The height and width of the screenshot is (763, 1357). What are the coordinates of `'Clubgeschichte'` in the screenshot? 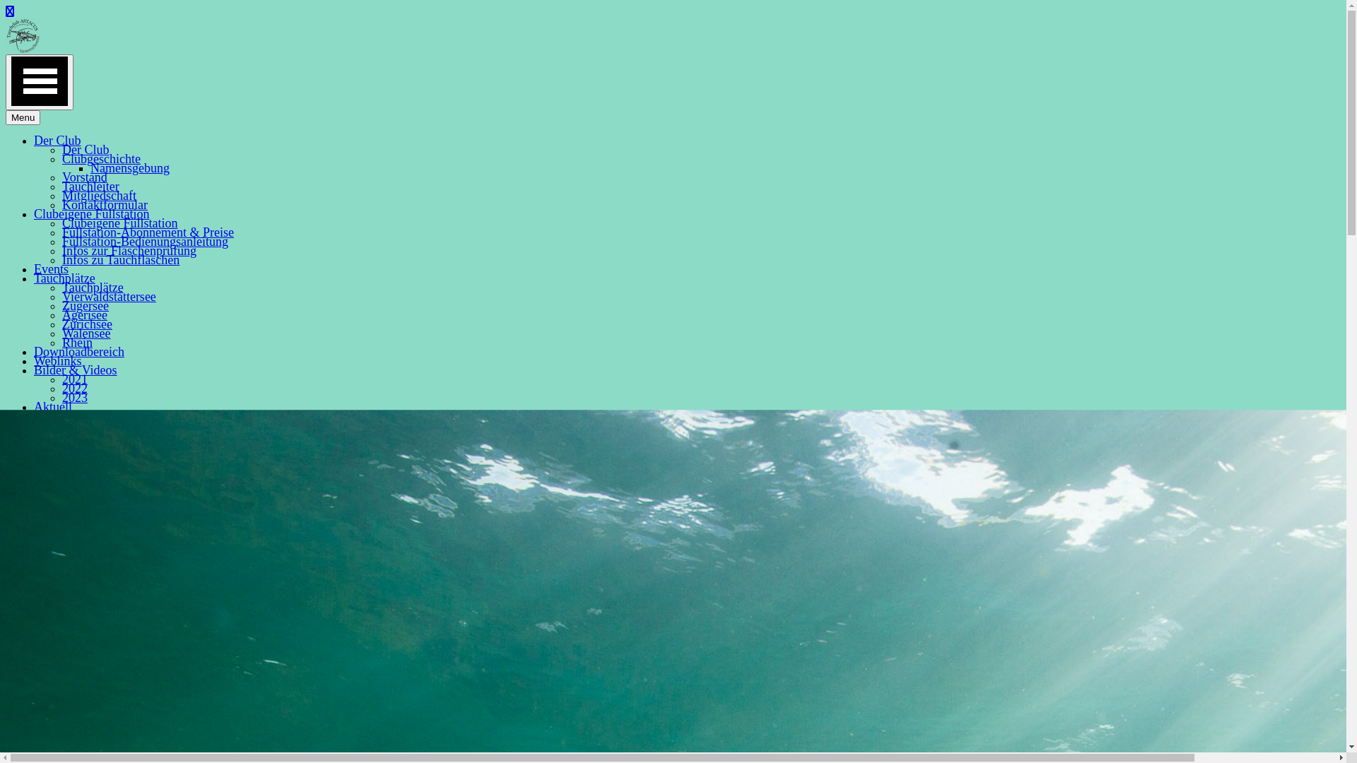 It's located at (100, 158).